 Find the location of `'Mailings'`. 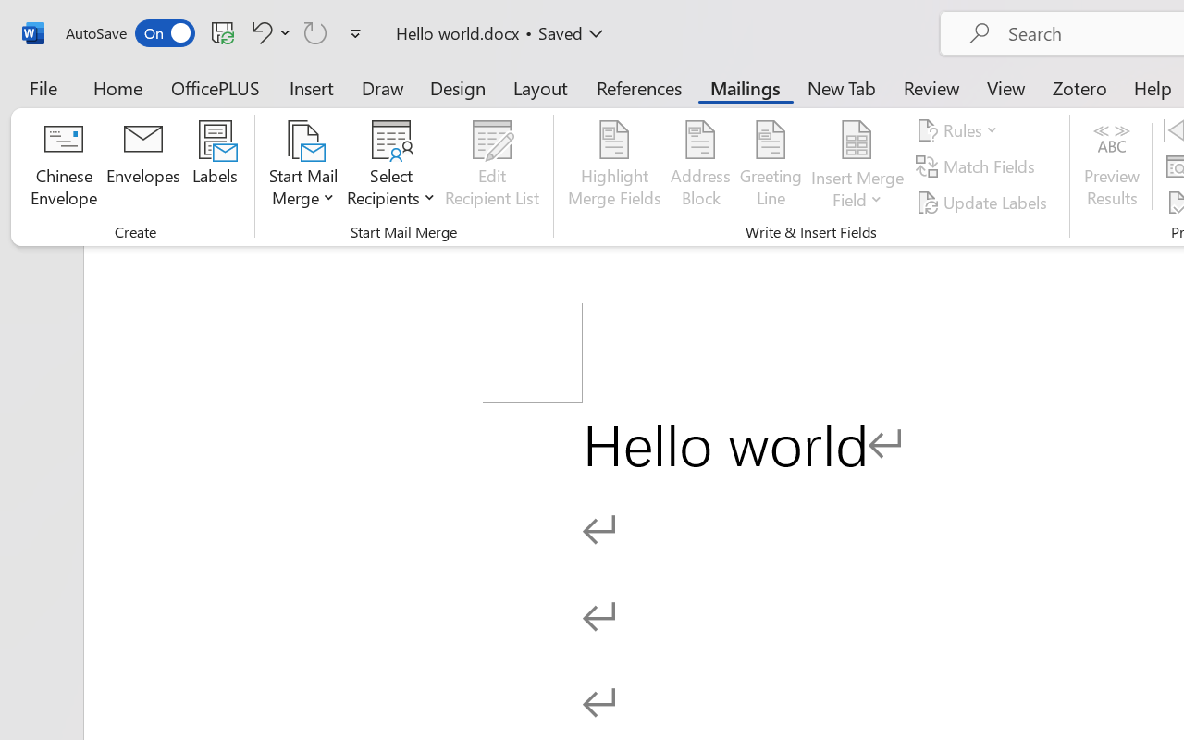

'Mailings' is located at coordinates (746, 87).